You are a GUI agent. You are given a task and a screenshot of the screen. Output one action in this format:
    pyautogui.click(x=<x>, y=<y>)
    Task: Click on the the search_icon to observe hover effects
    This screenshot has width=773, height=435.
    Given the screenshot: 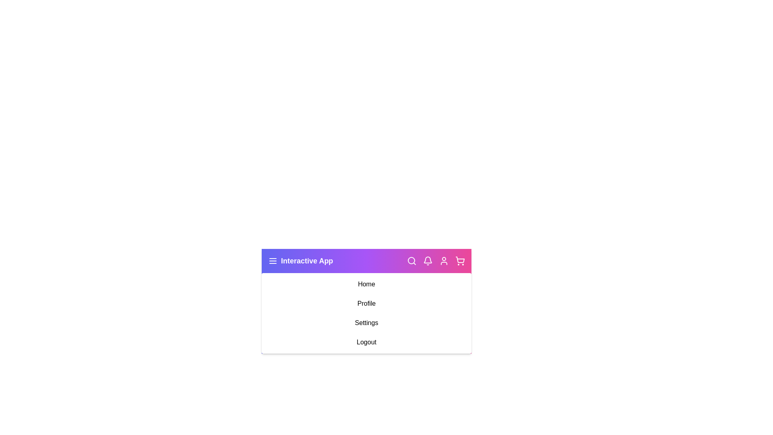 What is the action you would take?
    pyautogui.click(x=411, y=261)
    